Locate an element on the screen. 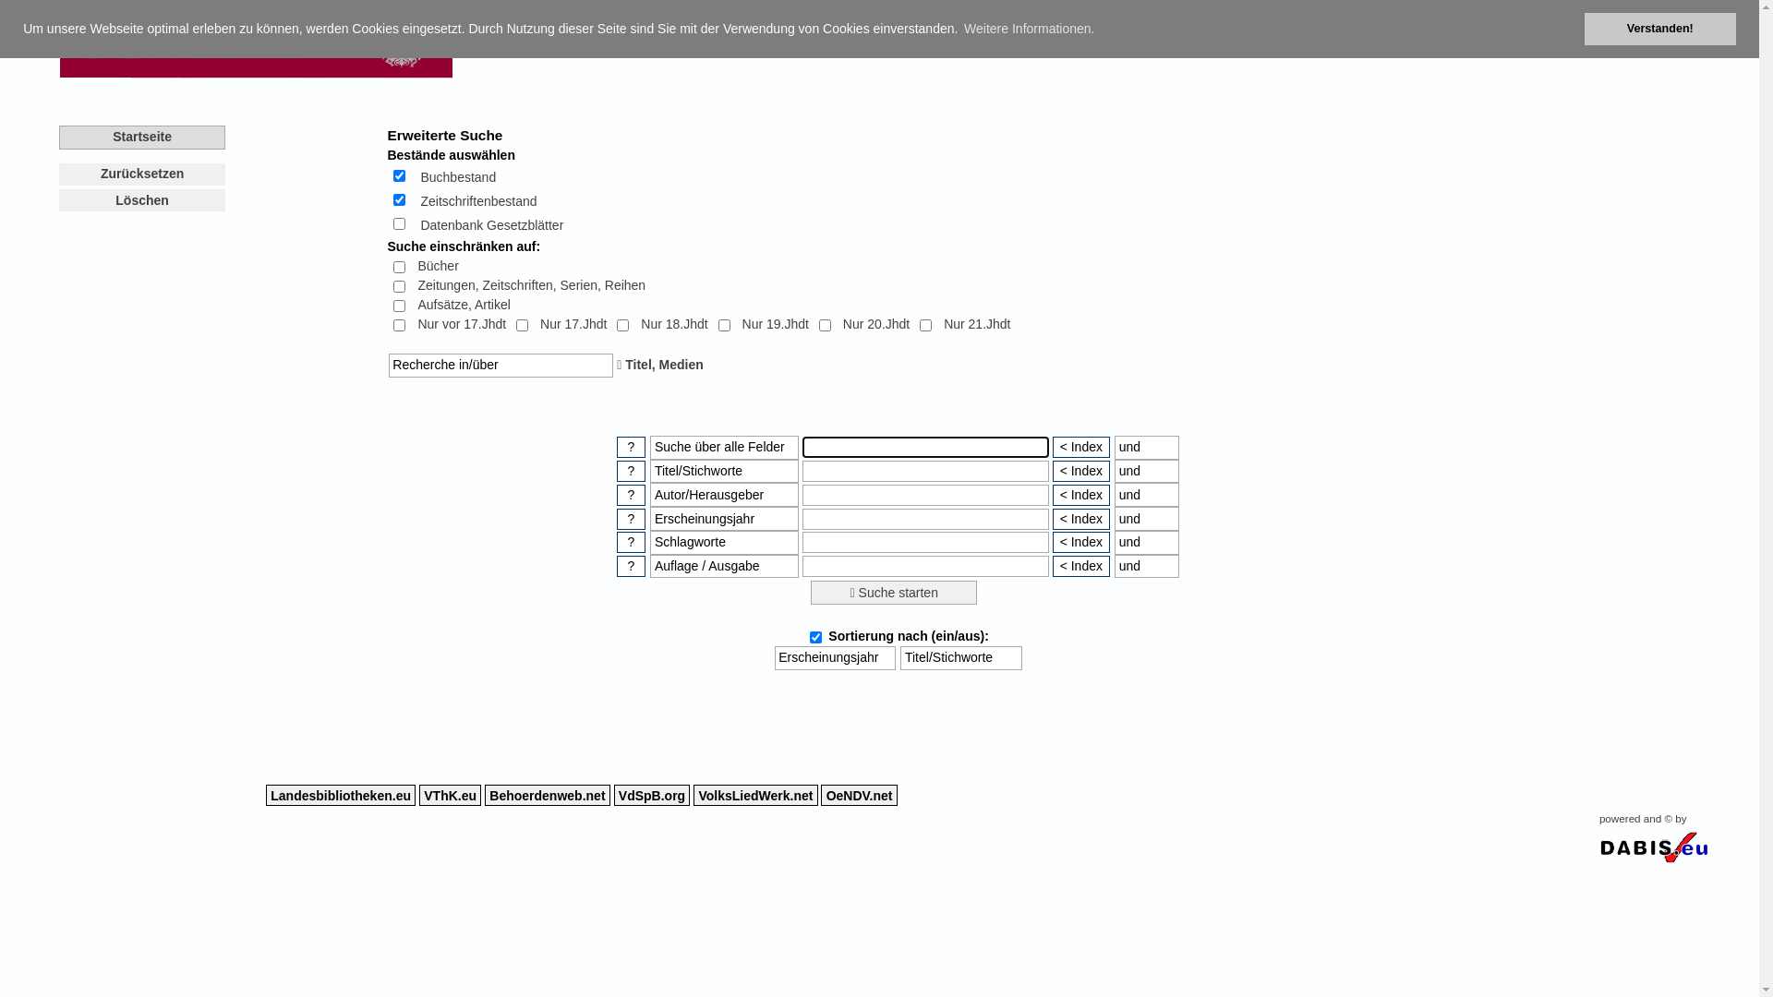 Image resolution: width=1773 pixels, height=997 pixels. 'Behoerdenweb.net' is located at coordinates (547, 794).